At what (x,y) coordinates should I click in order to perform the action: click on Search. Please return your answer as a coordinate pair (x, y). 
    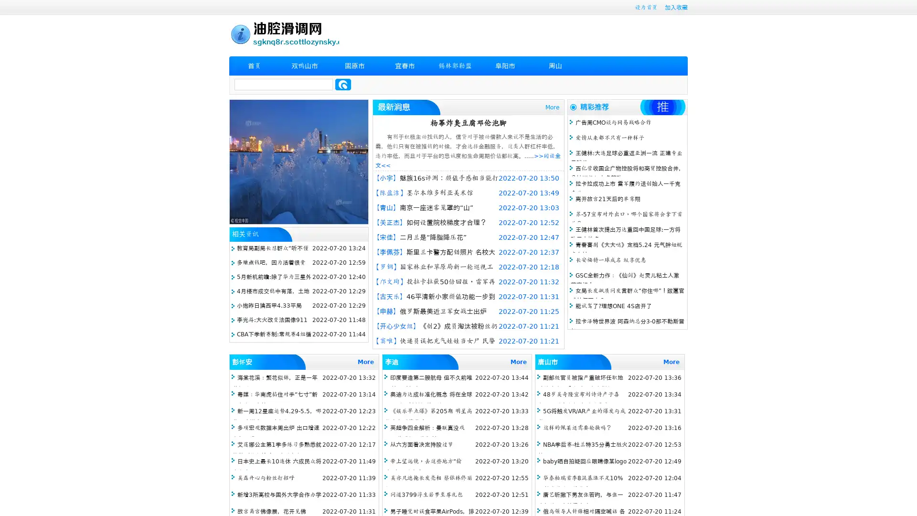
    Looking at the image, I should click on (343, 84).